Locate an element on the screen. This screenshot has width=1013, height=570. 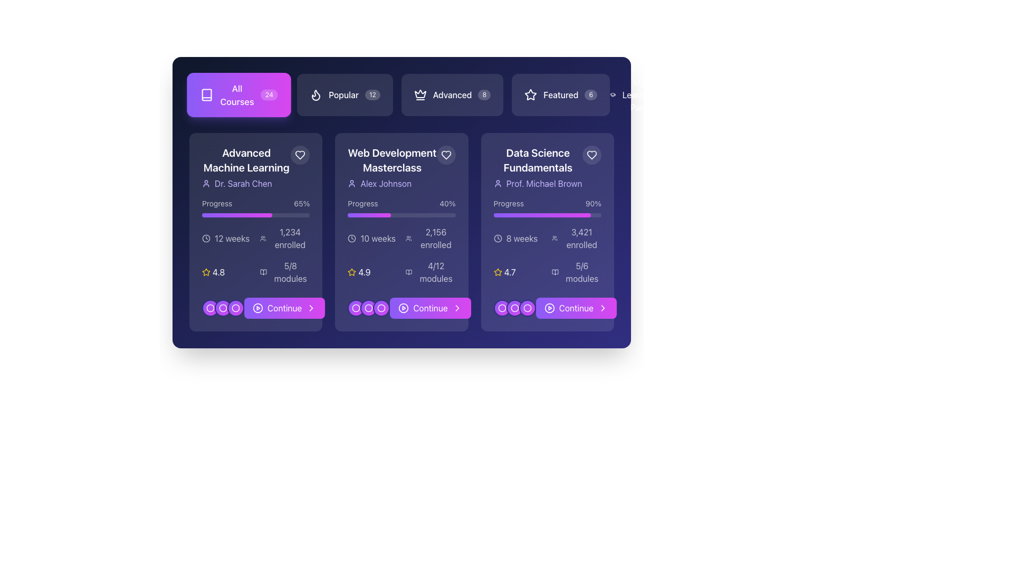
the main circular element of the clock icon in the 'Web Development Masterclass' section is located at coordinates (352, 238).